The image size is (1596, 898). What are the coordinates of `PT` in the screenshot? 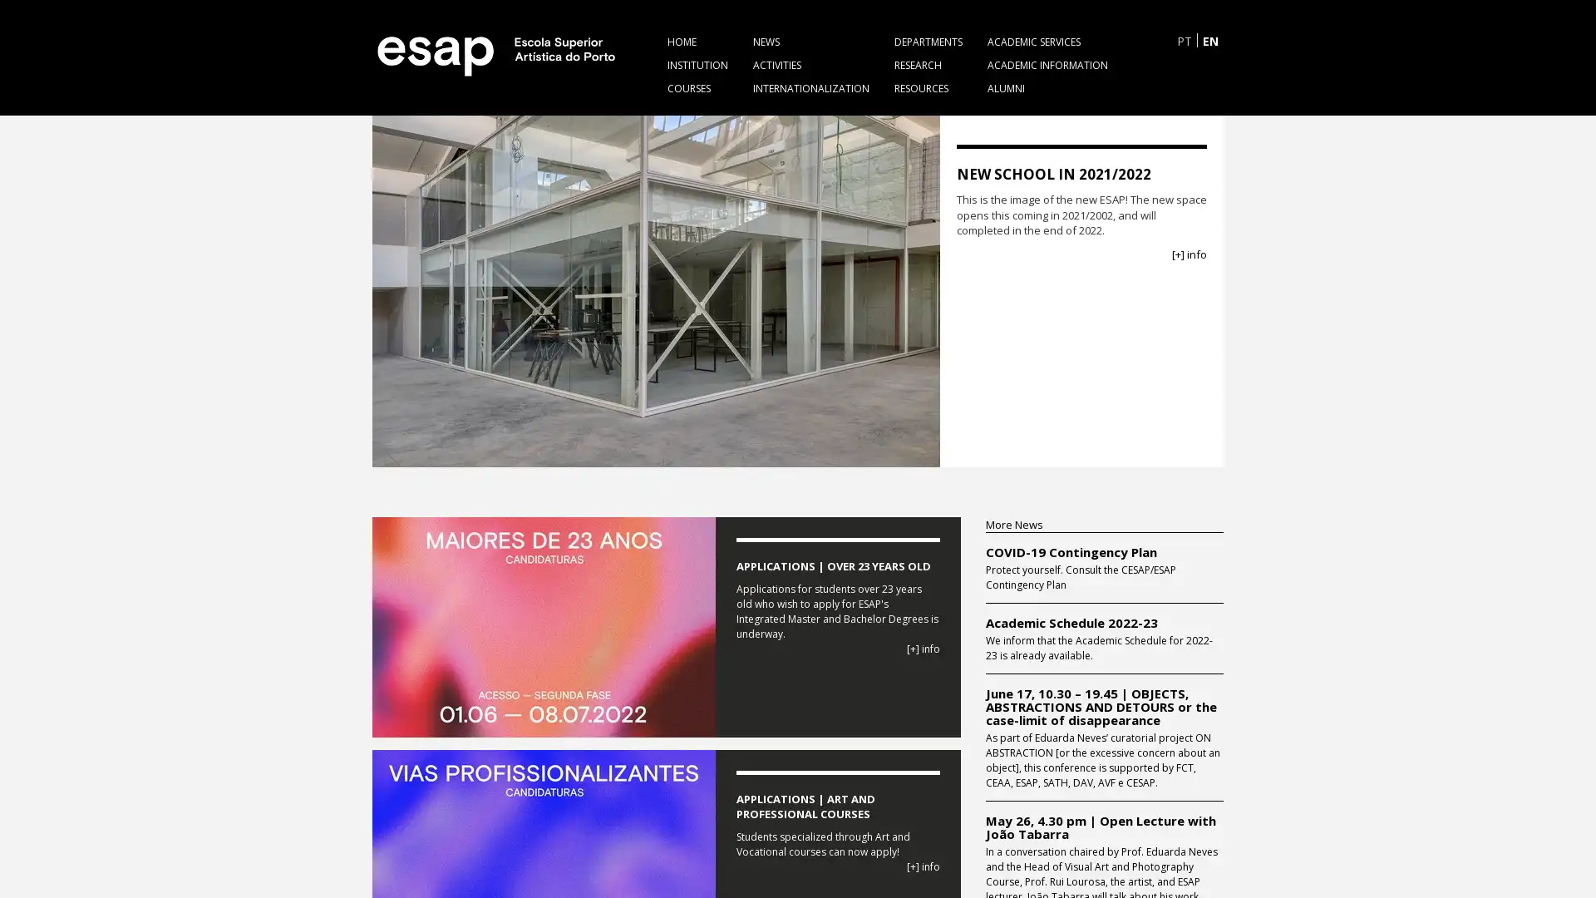 It's located at (1184, 39).